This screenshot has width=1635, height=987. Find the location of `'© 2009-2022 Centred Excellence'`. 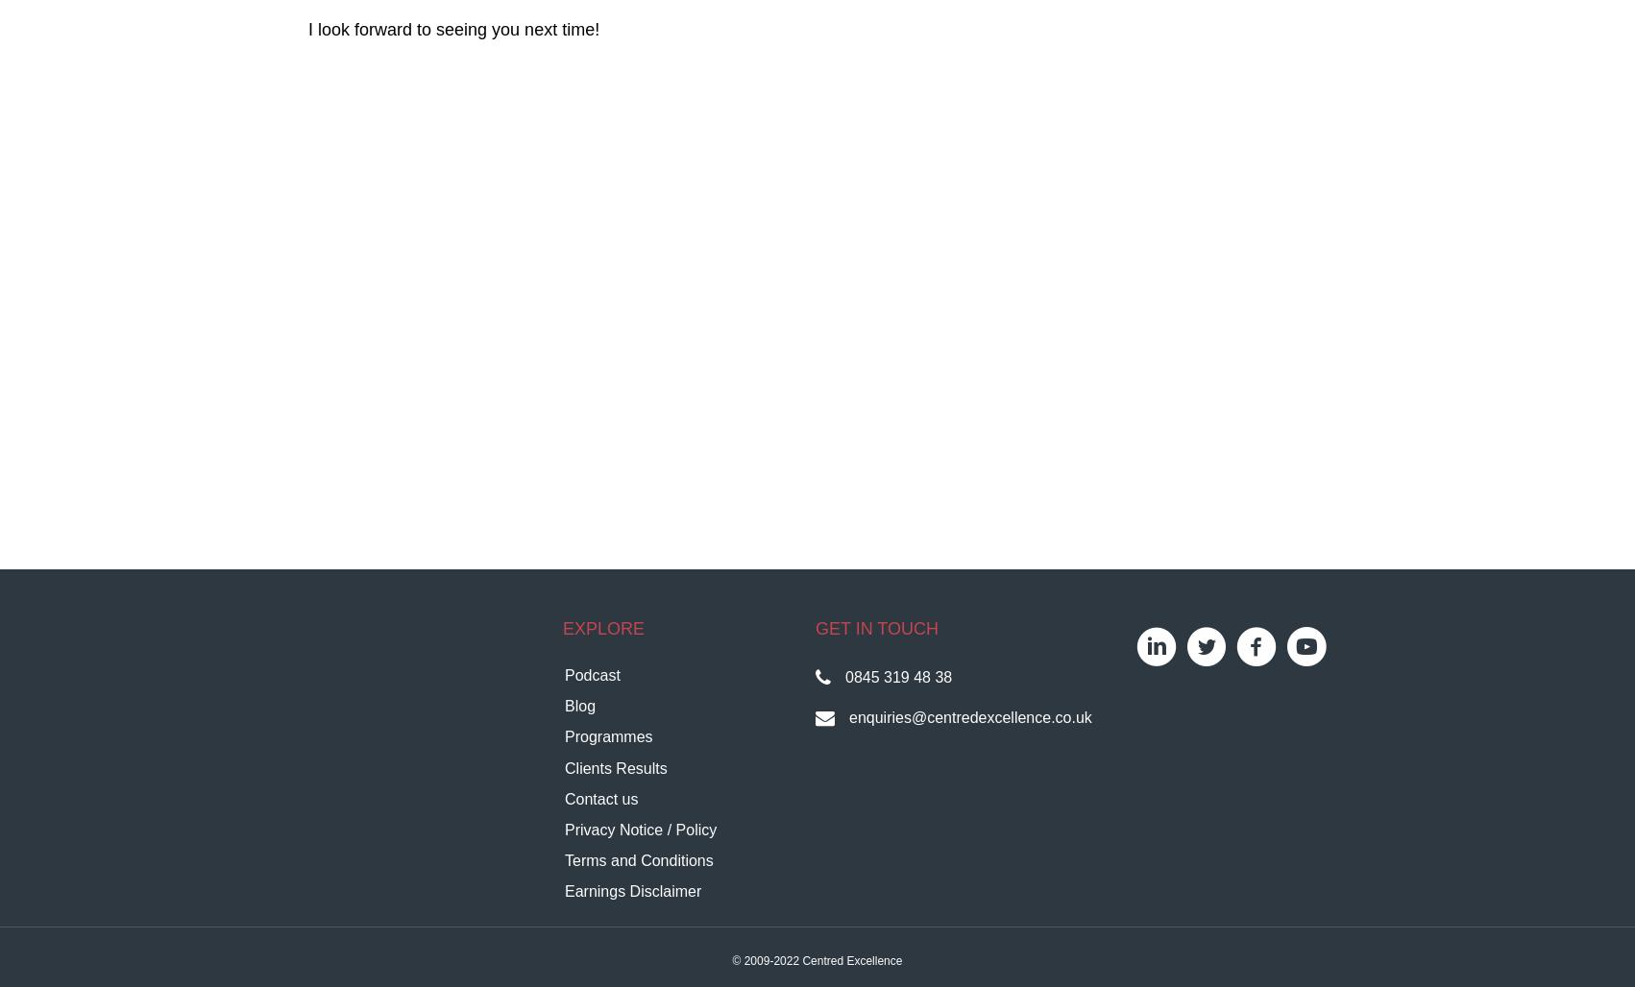

'© 2009-2022 Centred Excellence' is located at coordinates (816, 959).